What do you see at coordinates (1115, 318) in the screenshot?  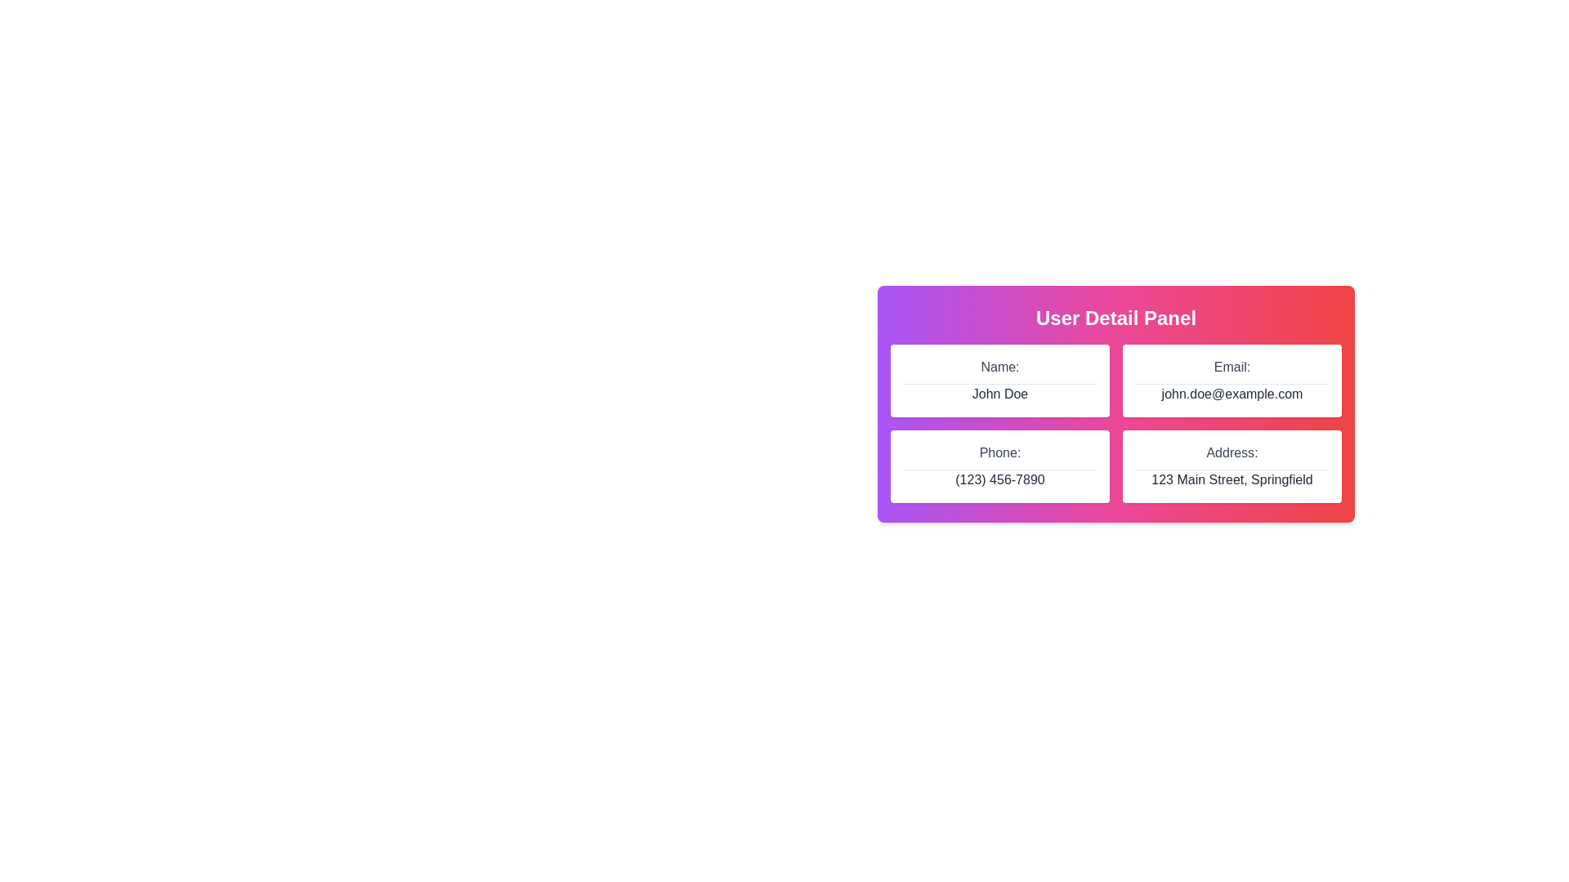 I see `the title text element located at the top center of the user detail section card, which provides information about the surrounding user details` at bounding box center [1115, 318].